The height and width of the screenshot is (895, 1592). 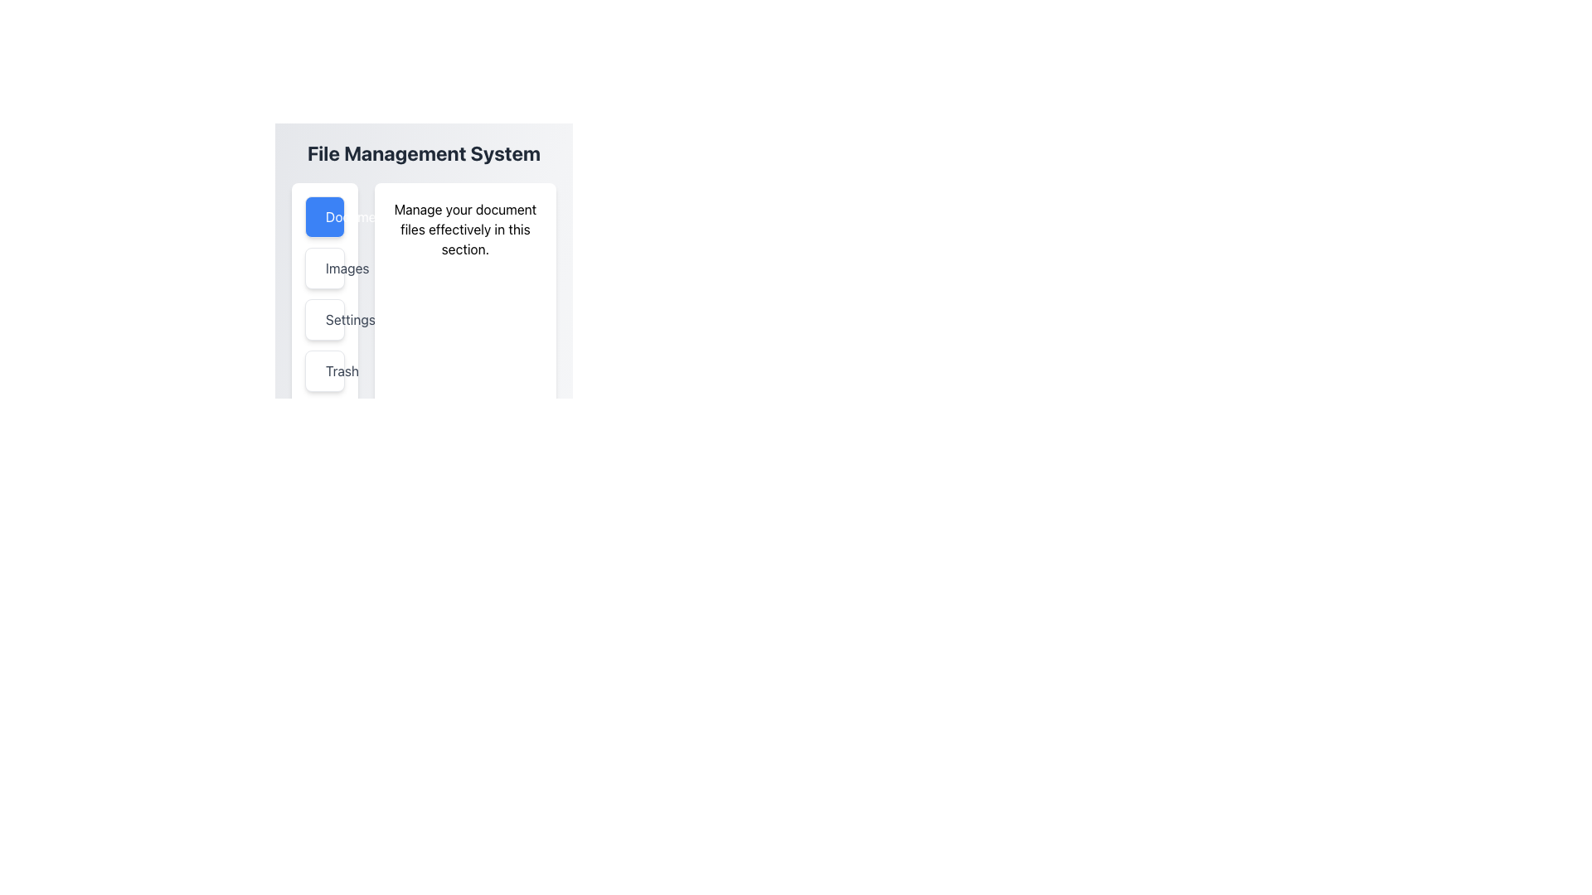 What do you see at coordinates (324, 319) in the screenshot?
I see `the configurations button in the sidebar menu` at bounding box center [324, 319].